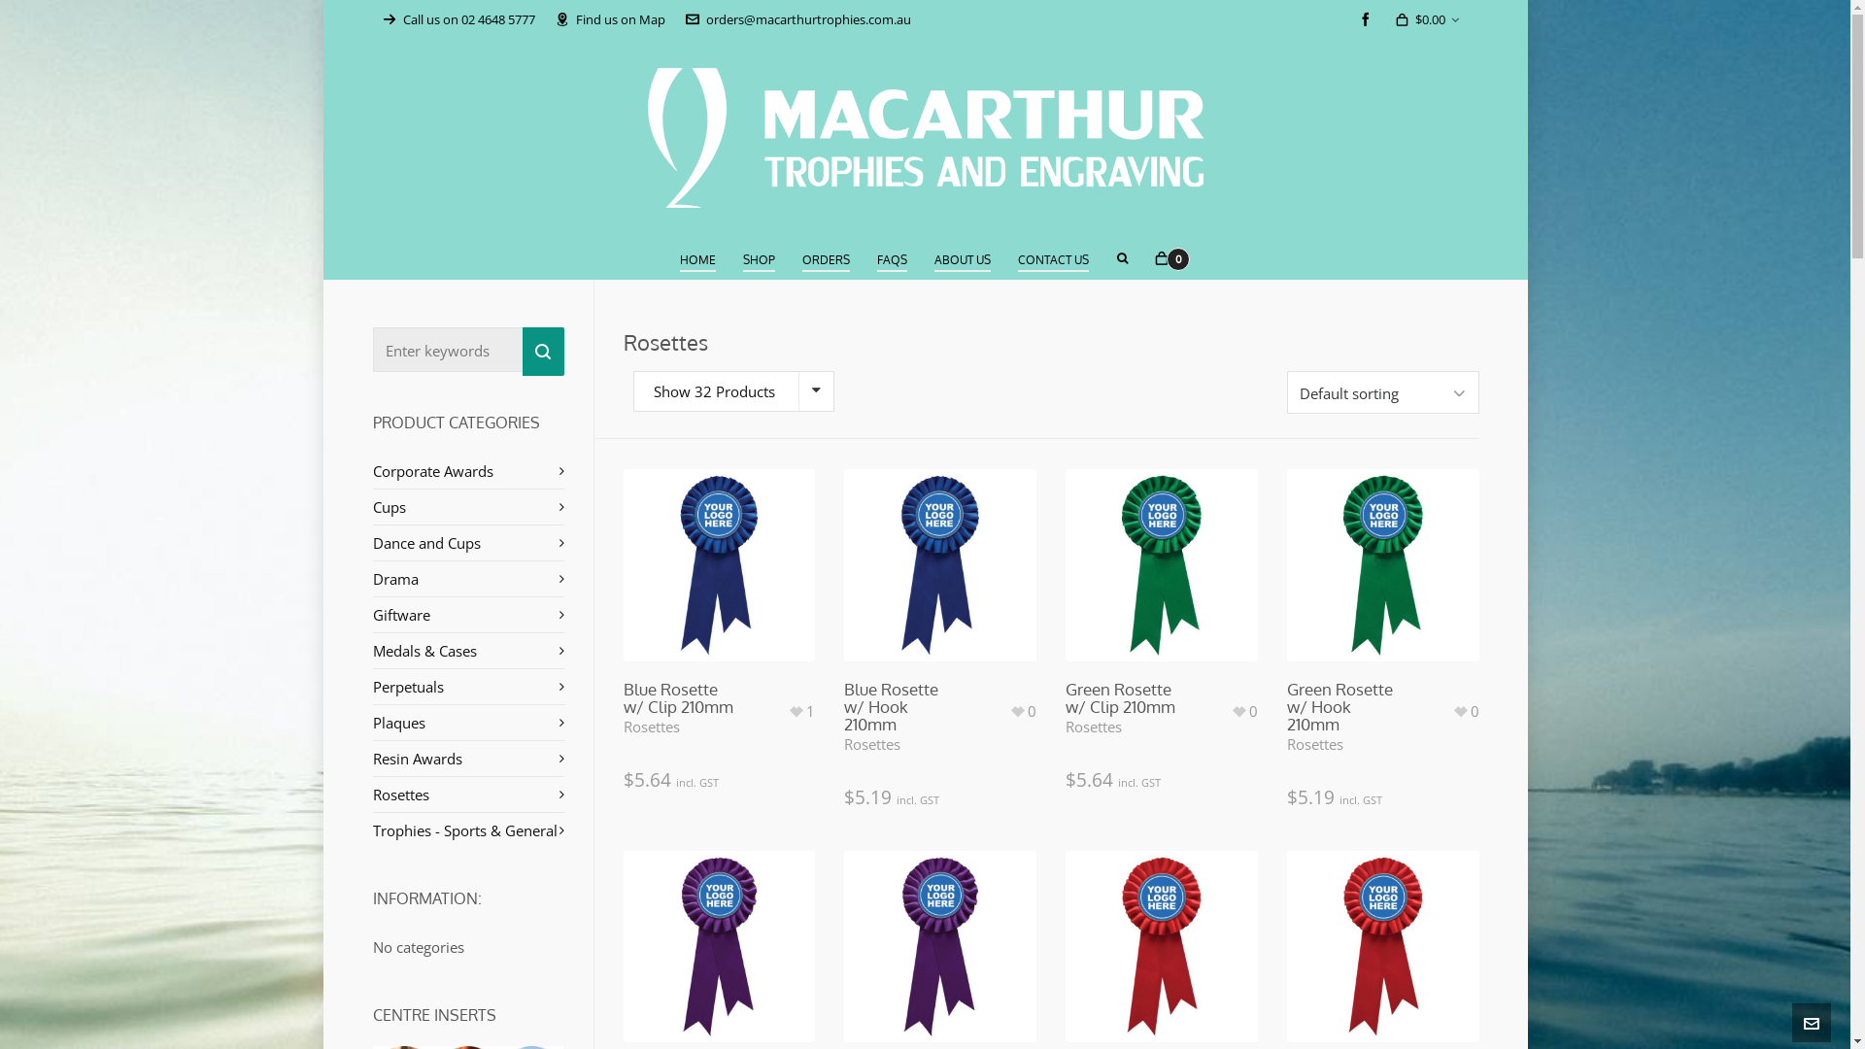 This screenshot has height=1049, width=1865. I want to click on 'orders@macarthurtrophies.com.au', so click(685, 18).